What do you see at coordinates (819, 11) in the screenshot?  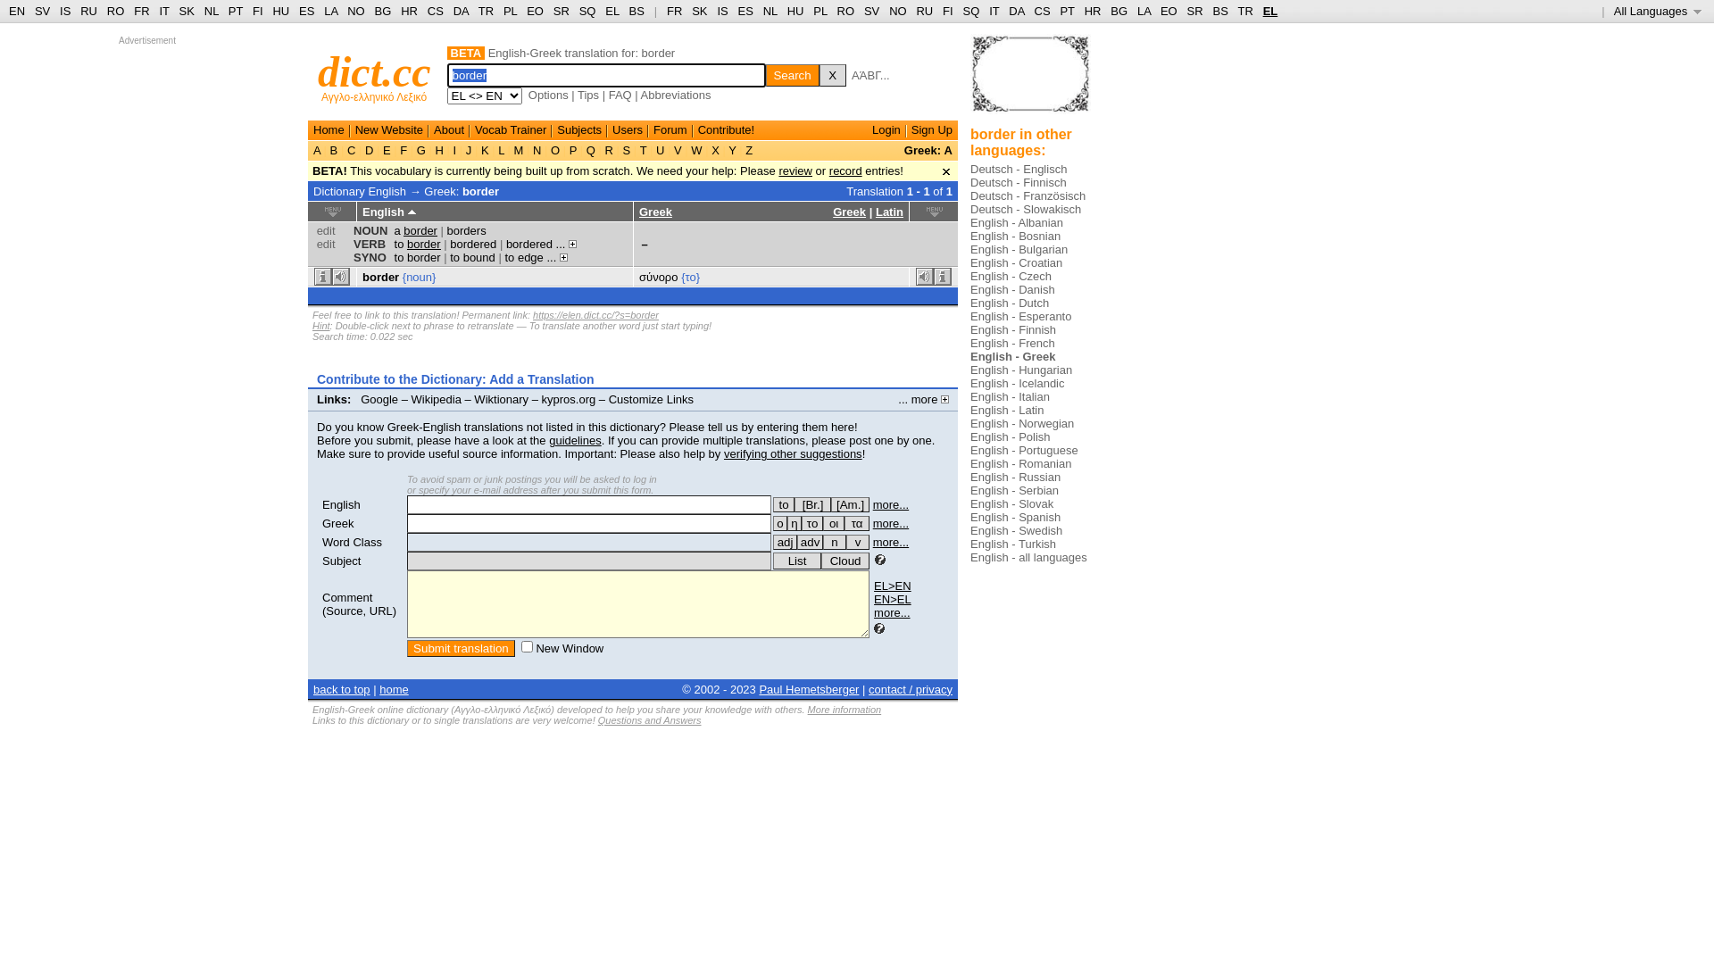 I see `'PL'` at bounding box center [819, 11].